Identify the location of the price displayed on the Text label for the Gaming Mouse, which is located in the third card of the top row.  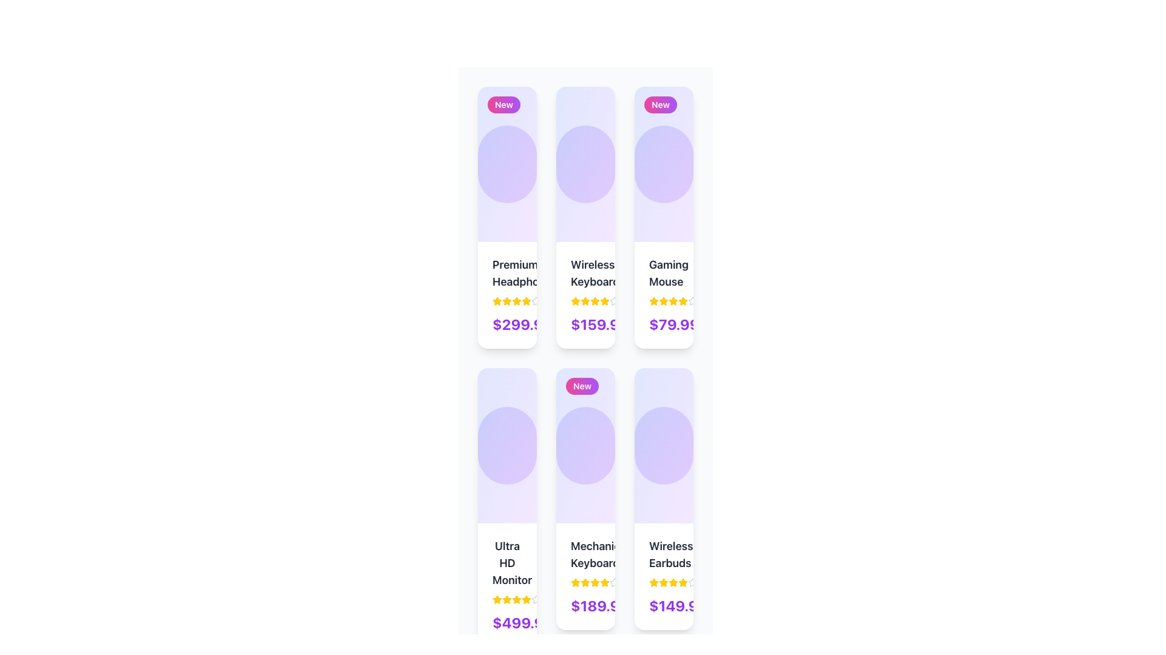
(673, 324).